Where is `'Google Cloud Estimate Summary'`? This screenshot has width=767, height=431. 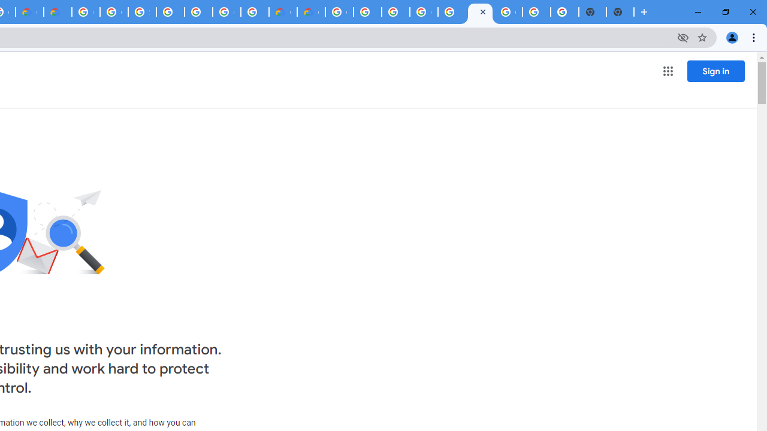 'Google Cloud Estimate Summary' is located at coordinates (311, 12).